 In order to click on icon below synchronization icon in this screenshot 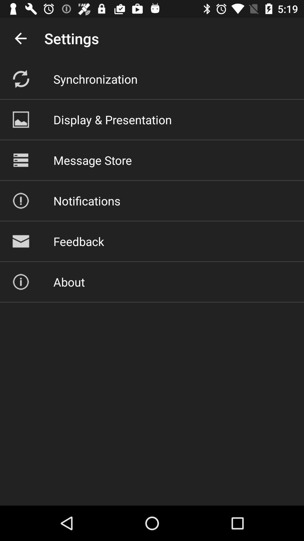, I will do `click(113, 119)`.